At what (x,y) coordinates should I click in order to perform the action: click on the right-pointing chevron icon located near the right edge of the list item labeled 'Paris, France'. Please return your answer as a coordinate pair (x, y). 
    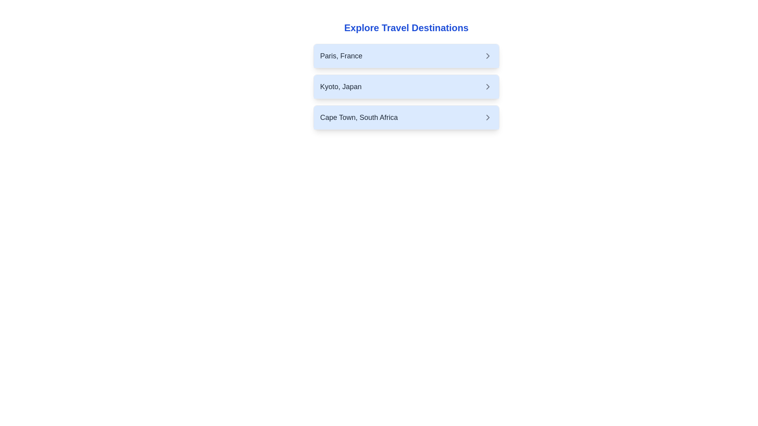
    Looking at the image, I should click on (488, 56).